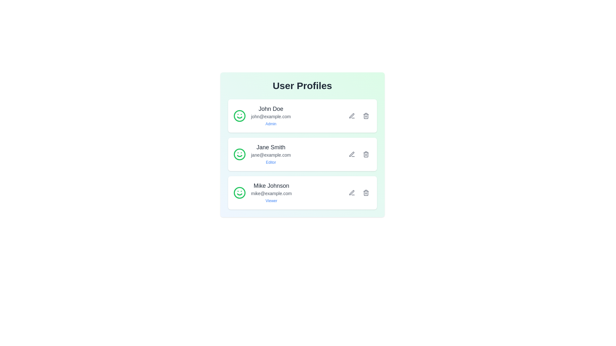 The image size is (616, 346). I want to click on the edit button for the user Mike Johnson to modify their details, so click(351, 192).